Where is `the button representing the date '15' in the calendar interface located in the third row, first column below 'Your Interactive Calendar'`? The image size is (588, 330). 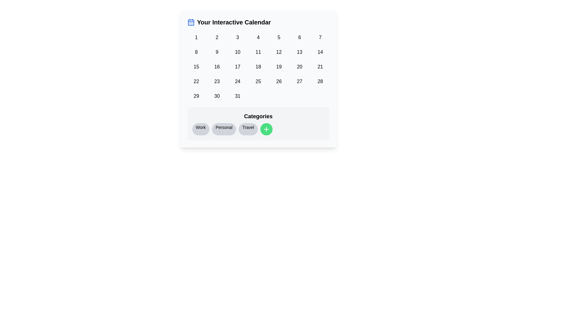
the button representing the date '15' in the calendar interface located in the third row, first column below 'Your Interactive Calendar' is located at coordinates (196, 67).